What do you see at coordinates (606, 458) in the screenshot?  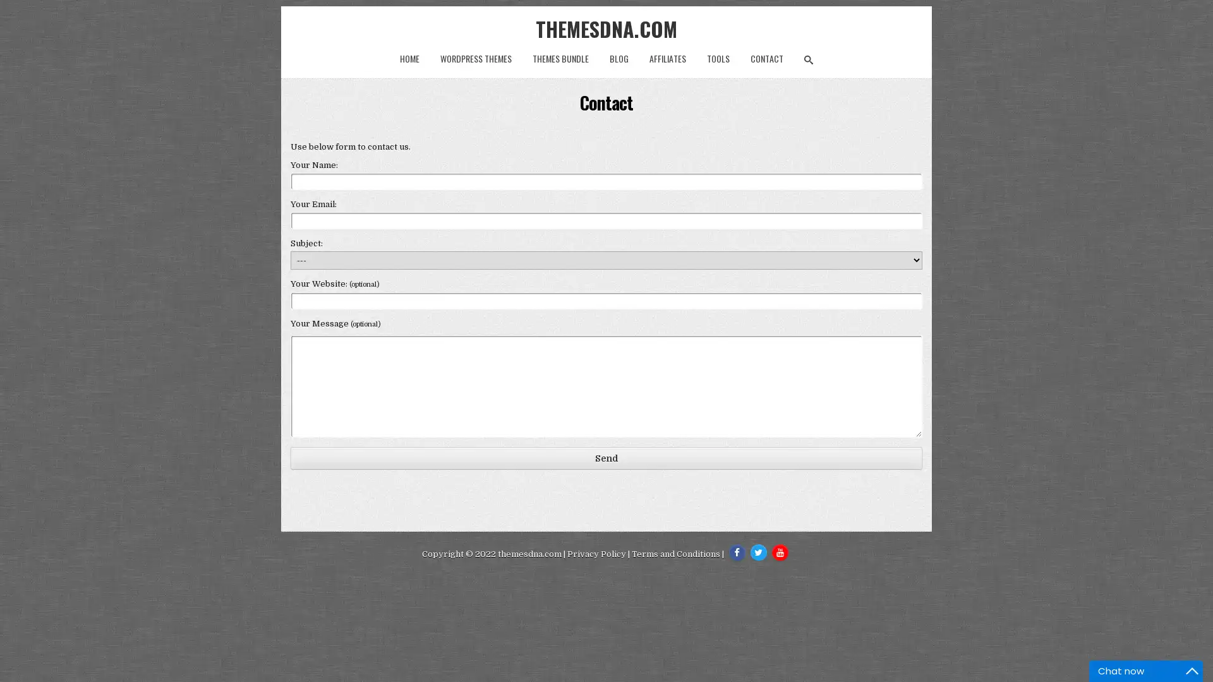 I see `Send` at bounding box center [606, 458].